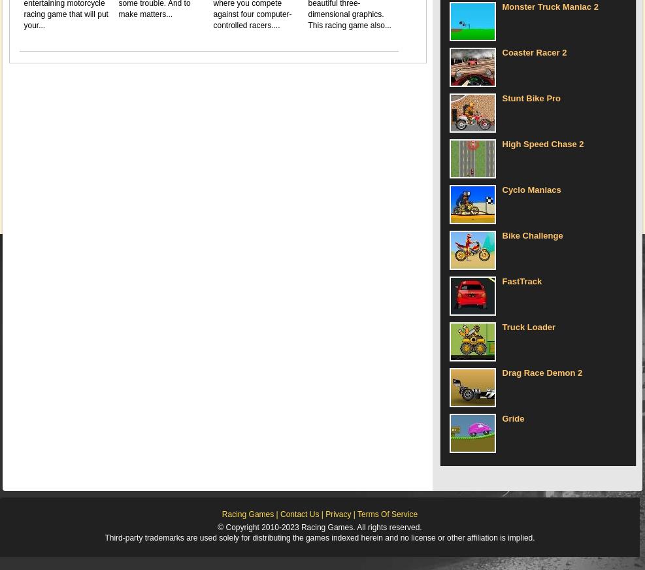 The height and width of the screenshot is (570, 645). Describe the element at coordinates (542, 142) in the screenshot. I see `'High Speed Chase 2'` at that location.